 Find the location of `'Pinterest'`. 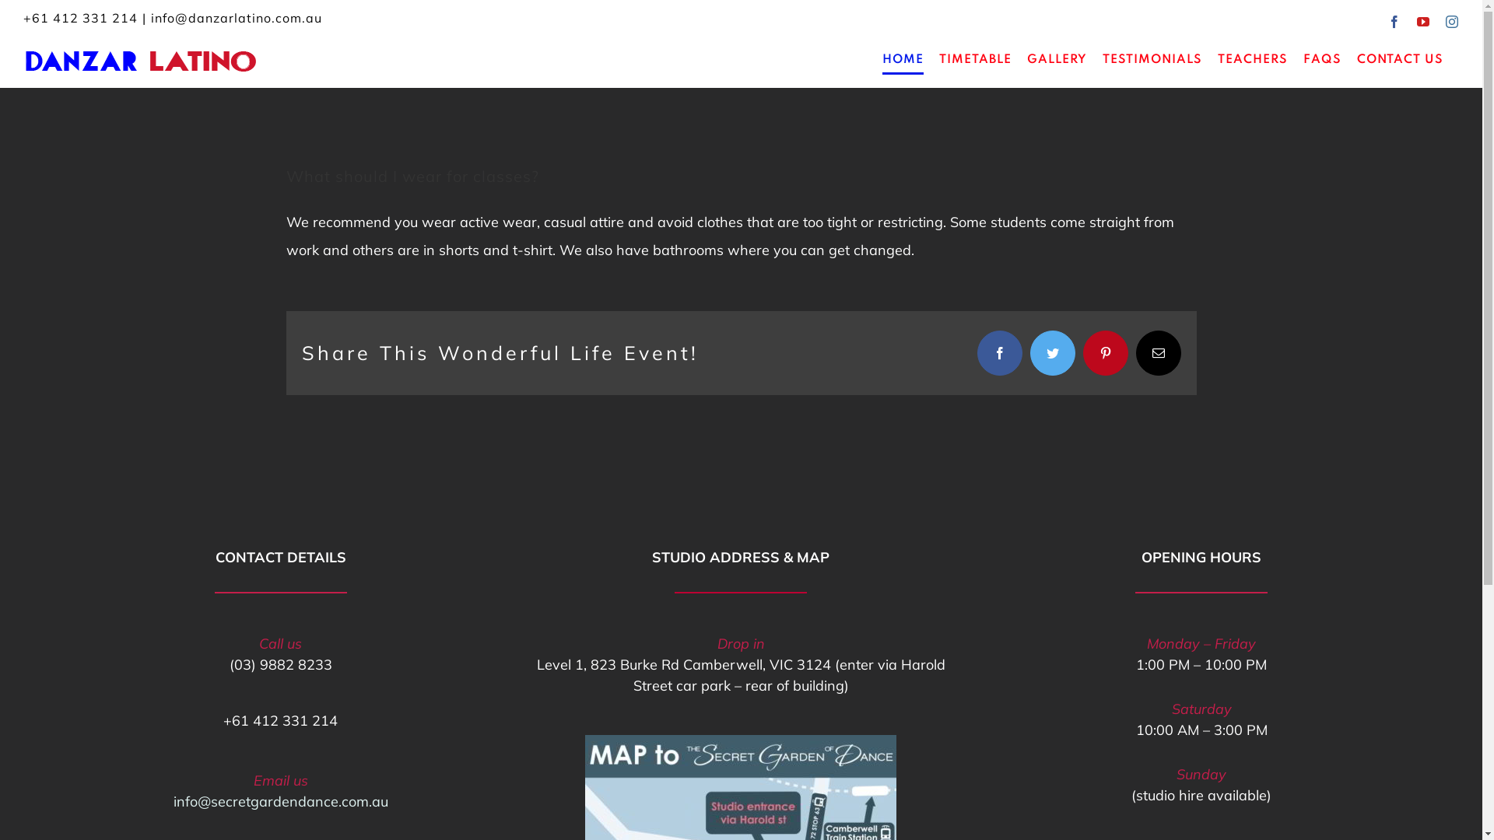

'Pinterest' is located at coordinates (1082, 353).